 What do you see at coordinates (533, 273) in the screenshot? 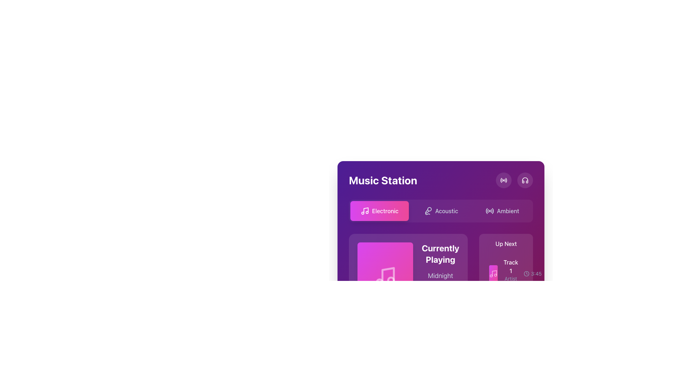
I see `the duration display element located at the bottom-right area of the card for 'Track 1' by 'Artist 1'` at bounding box center [533, 273].